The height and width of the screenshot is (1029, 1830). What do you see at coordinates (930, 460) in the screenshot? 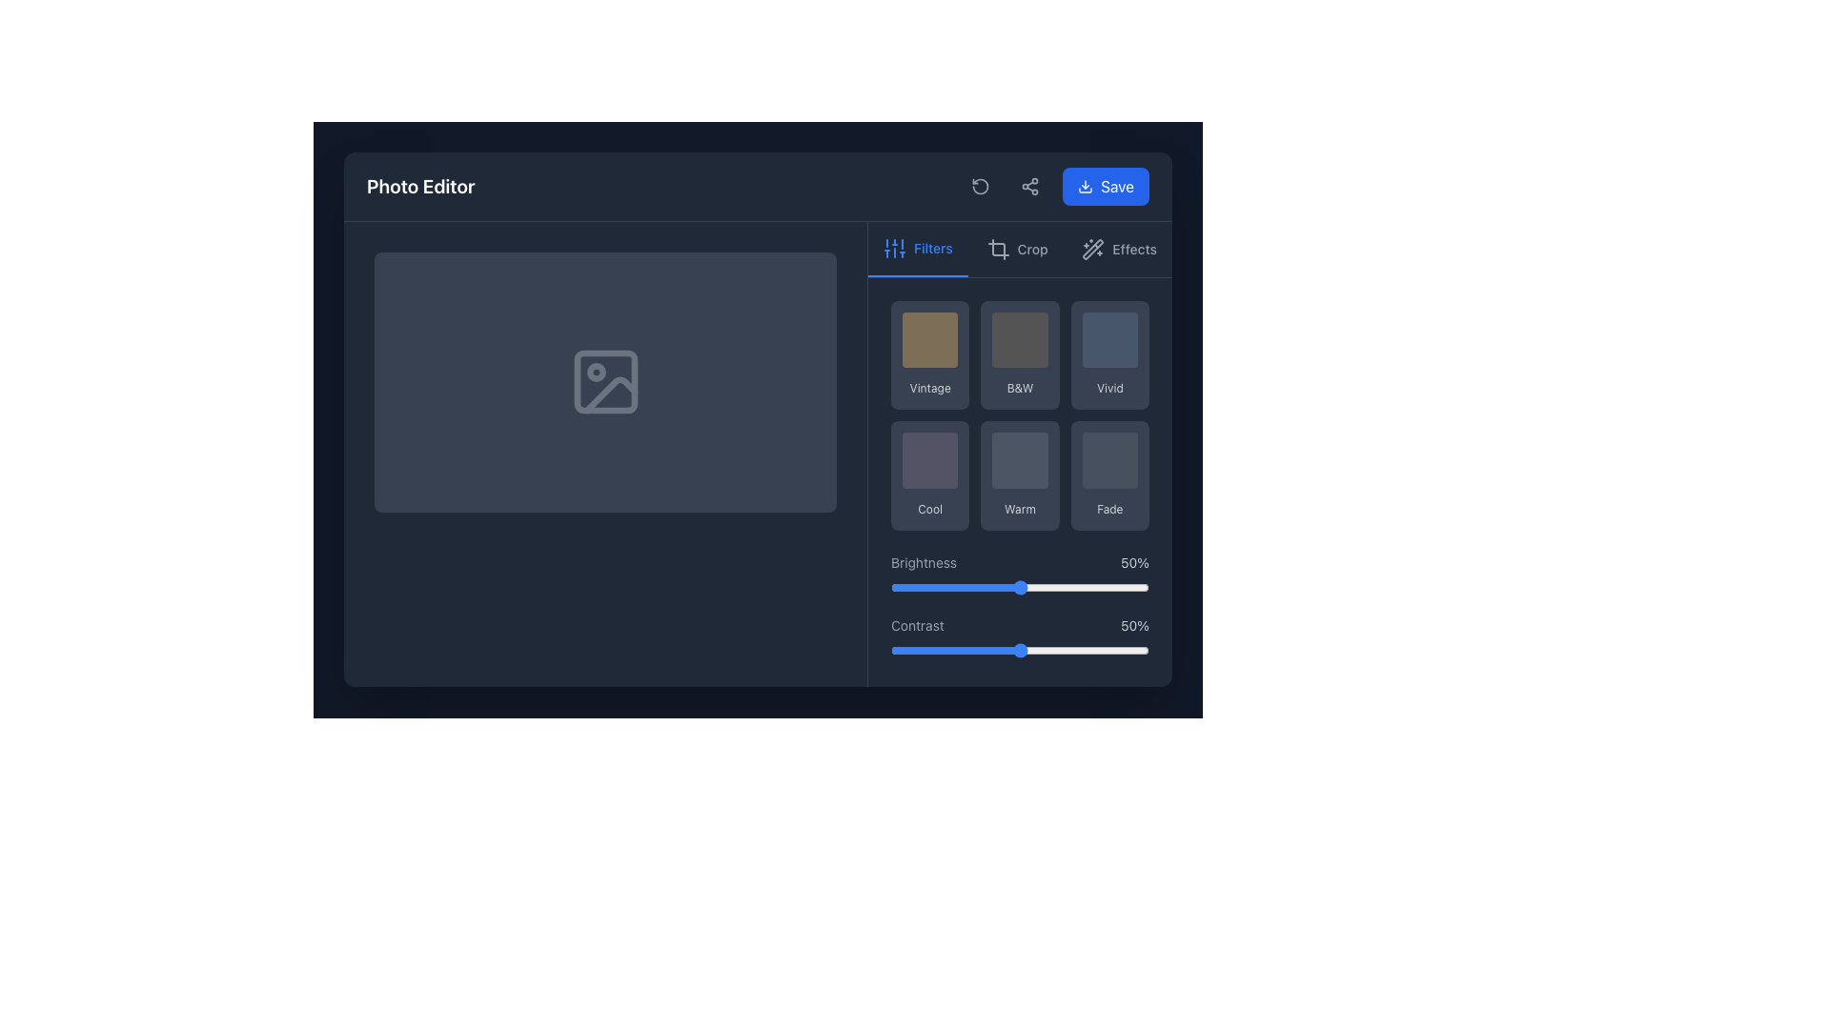
I see `the interactive visual square within the 'Cool' button in the right panel under the 'Filters' tab` at bounding box center [930, 460].